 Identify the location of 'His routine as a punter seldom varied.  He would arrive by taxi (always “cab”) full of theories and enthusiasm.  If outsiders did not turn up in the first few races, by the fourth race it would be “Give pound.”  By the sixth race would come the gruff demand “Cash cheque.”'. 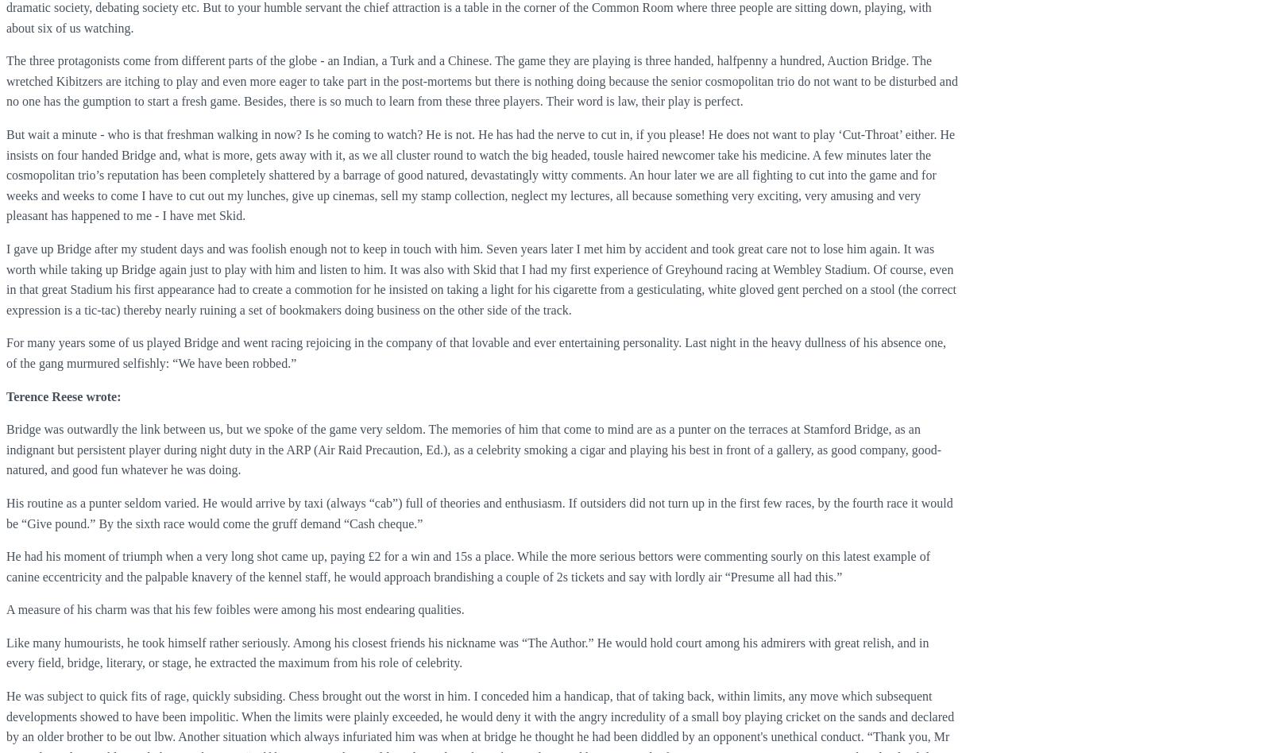
(479, 512).